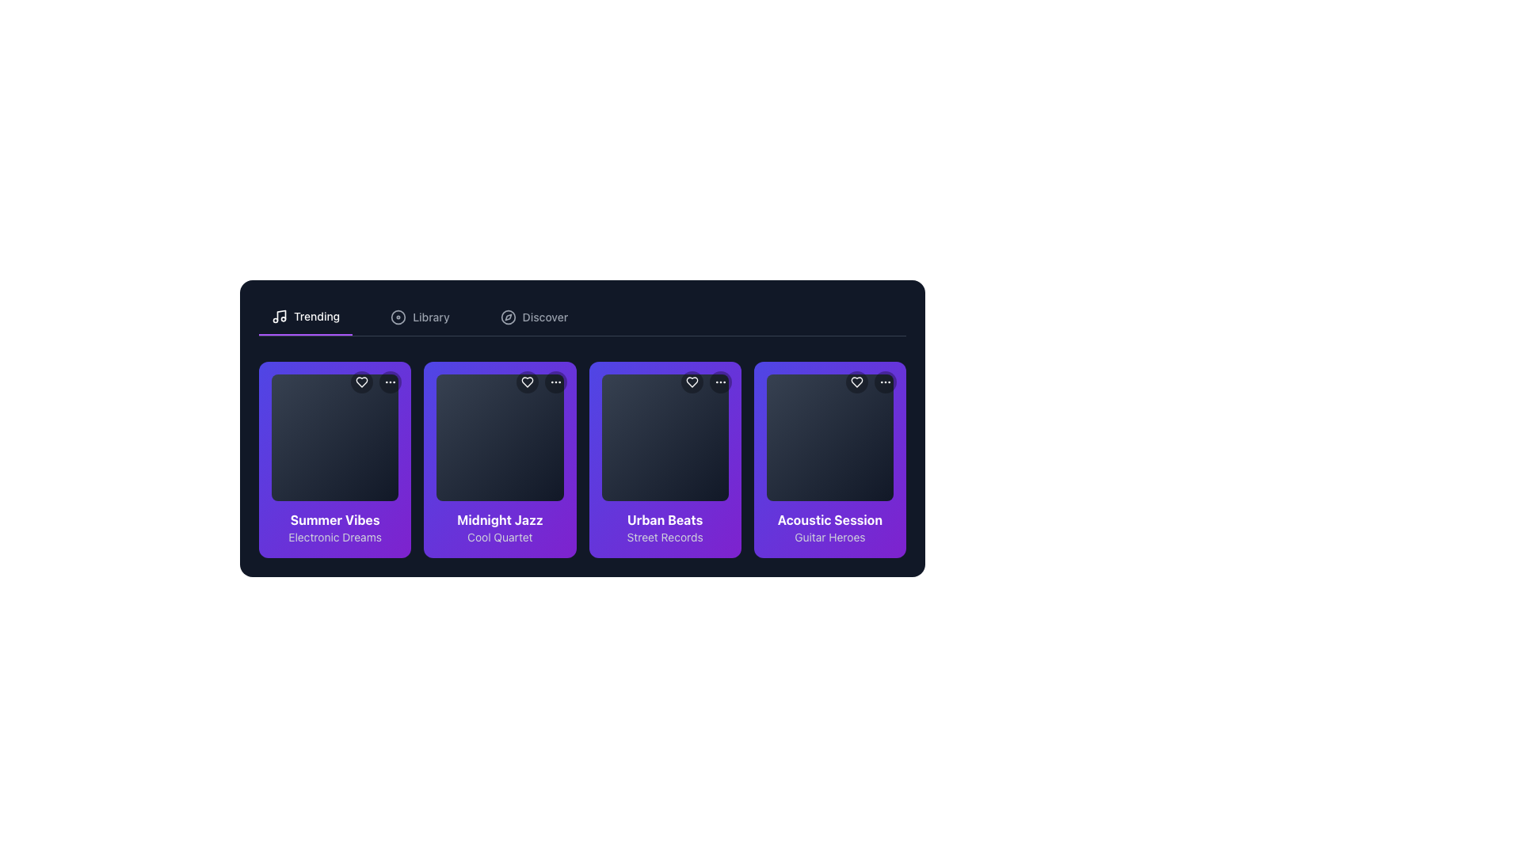 The height and width of the screenshot is (855, 1521). Describe the element at coordinates (885, 382) in the screenshot. I see `the ellipsis icon button located in the top-right section of the 'Acoustic Session' card` at that location.